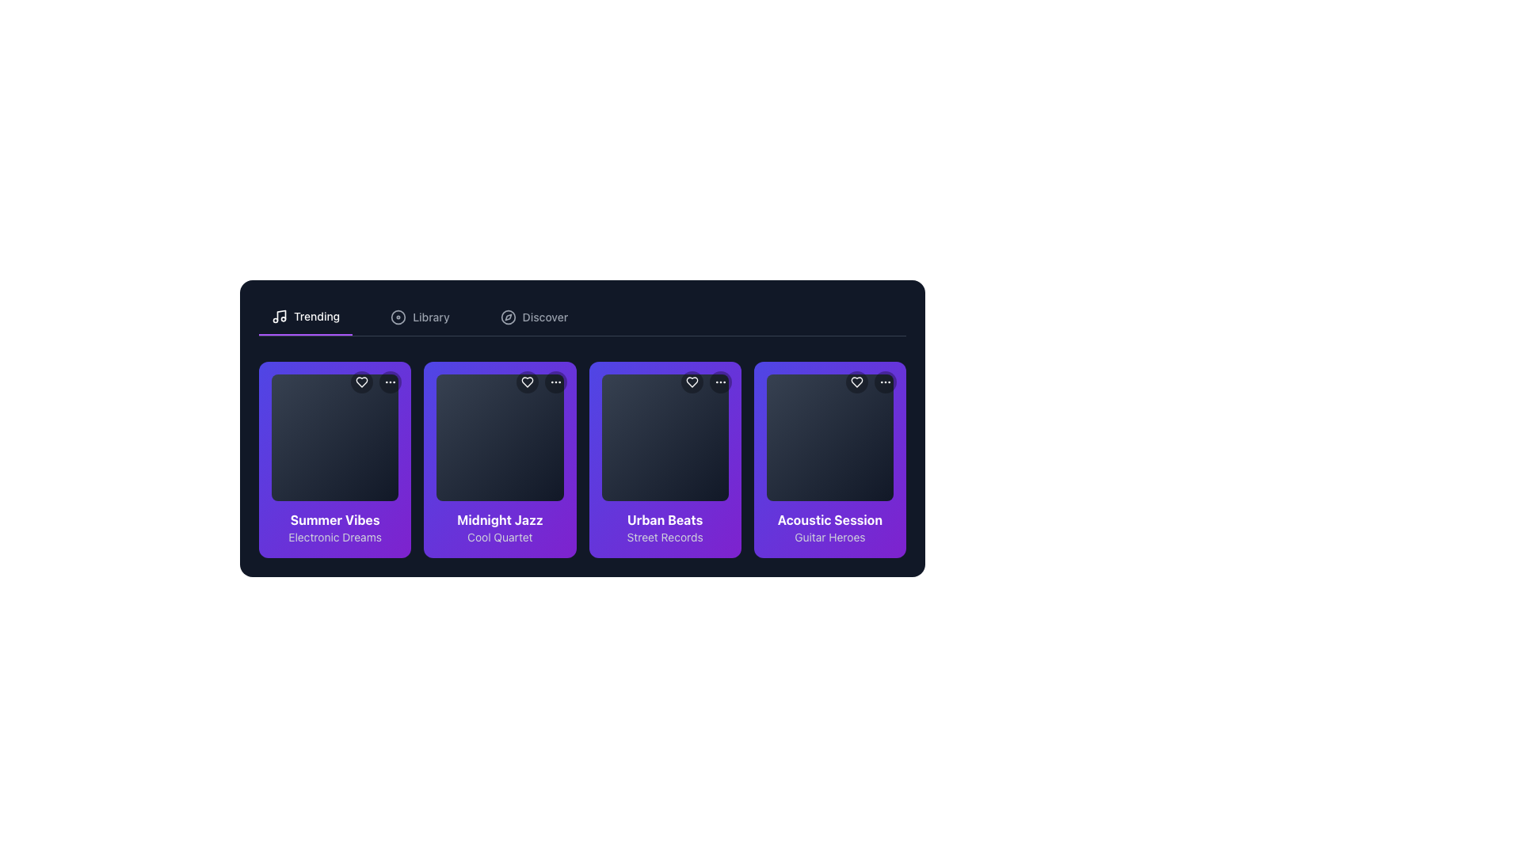 The height and width of the screenshot is (855, 1521). Describe the element at coordinates (885, 382) in the screenshot. I see `the ellipsis icon button located in the top-right section of the 'Acoustic Session' card` at that location.